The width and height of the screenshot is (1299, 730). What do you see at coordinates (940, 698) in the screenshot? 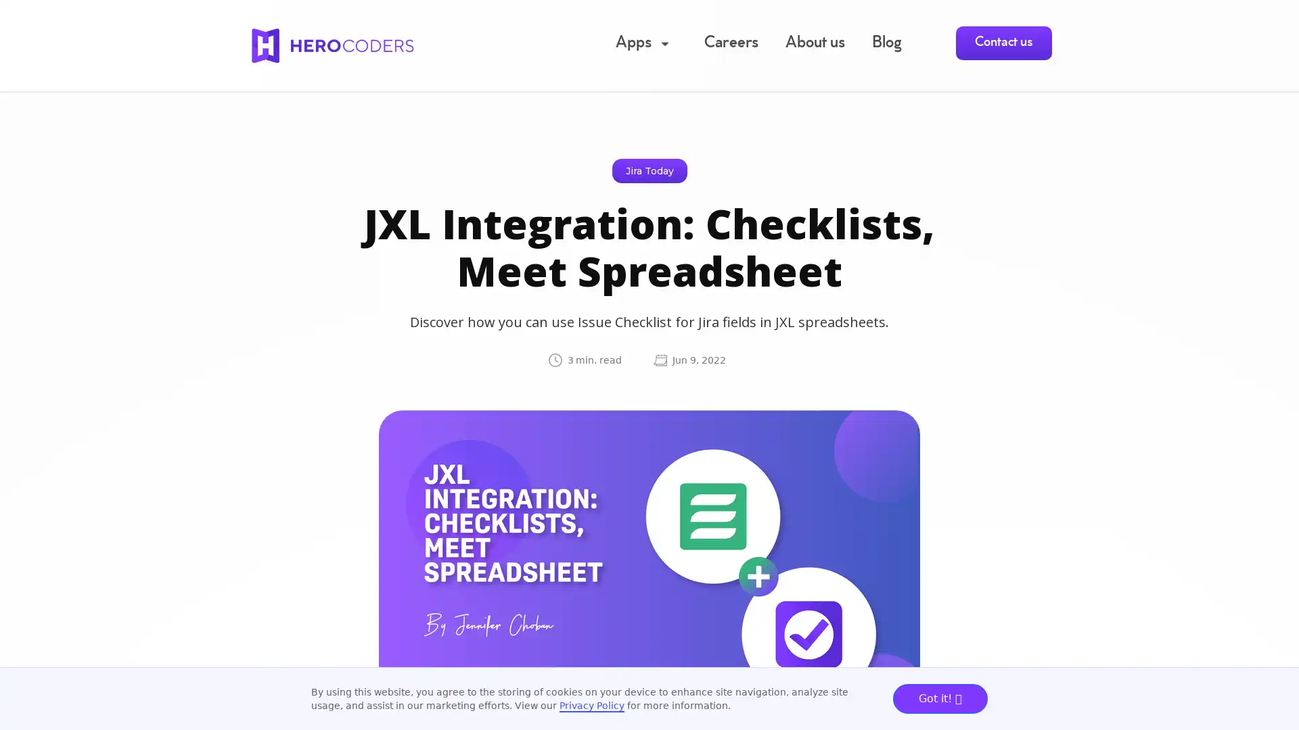
I see `Got it!` at bounding box center [940, 698].